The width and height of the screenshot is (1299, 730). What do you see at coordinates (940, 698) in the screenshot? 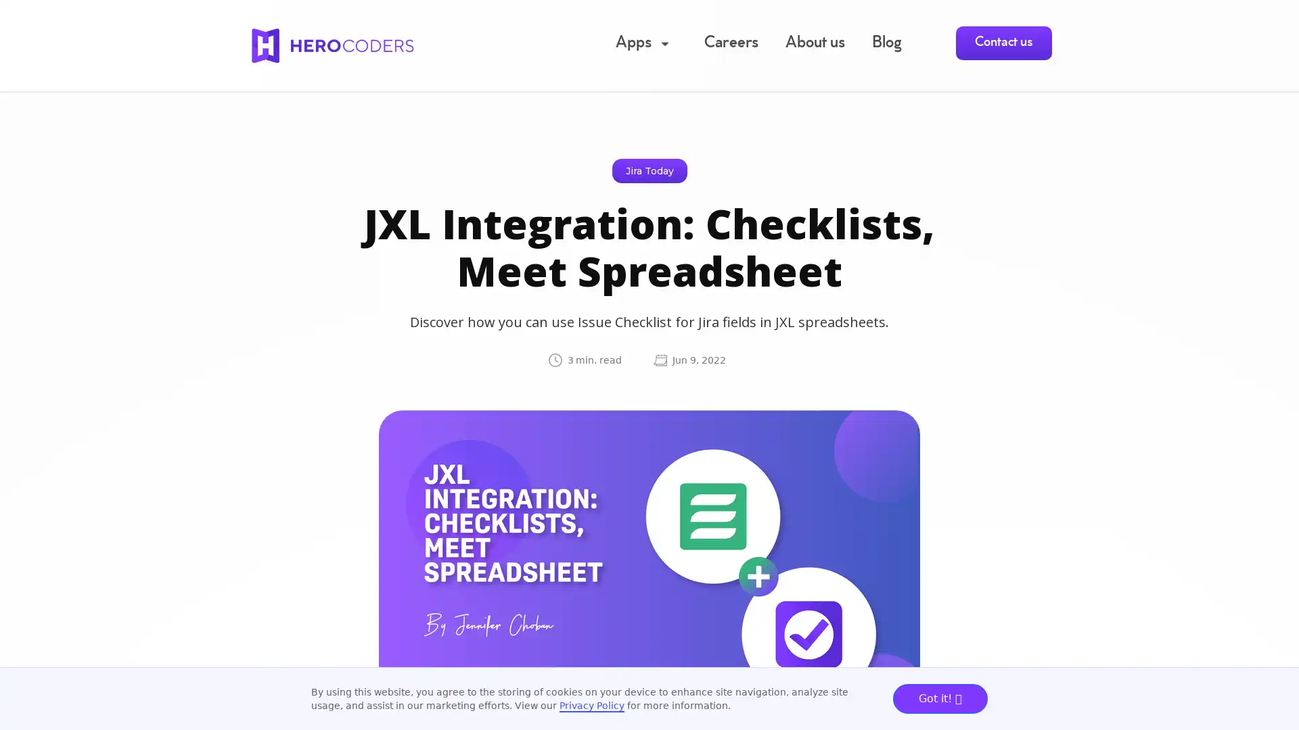
I see `Got it!` at bounding box center [940, 698].